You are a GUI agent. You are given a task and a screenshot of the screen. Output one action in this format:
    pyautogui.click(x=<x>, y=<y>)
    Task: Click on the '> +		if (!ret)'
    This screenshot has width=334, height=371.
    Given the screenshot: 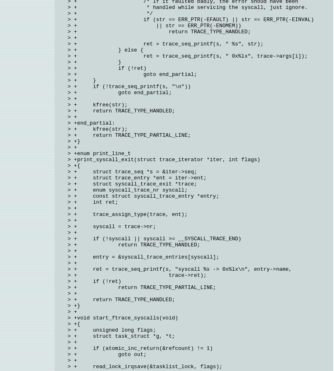 What is the action you would take?
    pyautogui.click(x=106, y=68)
    